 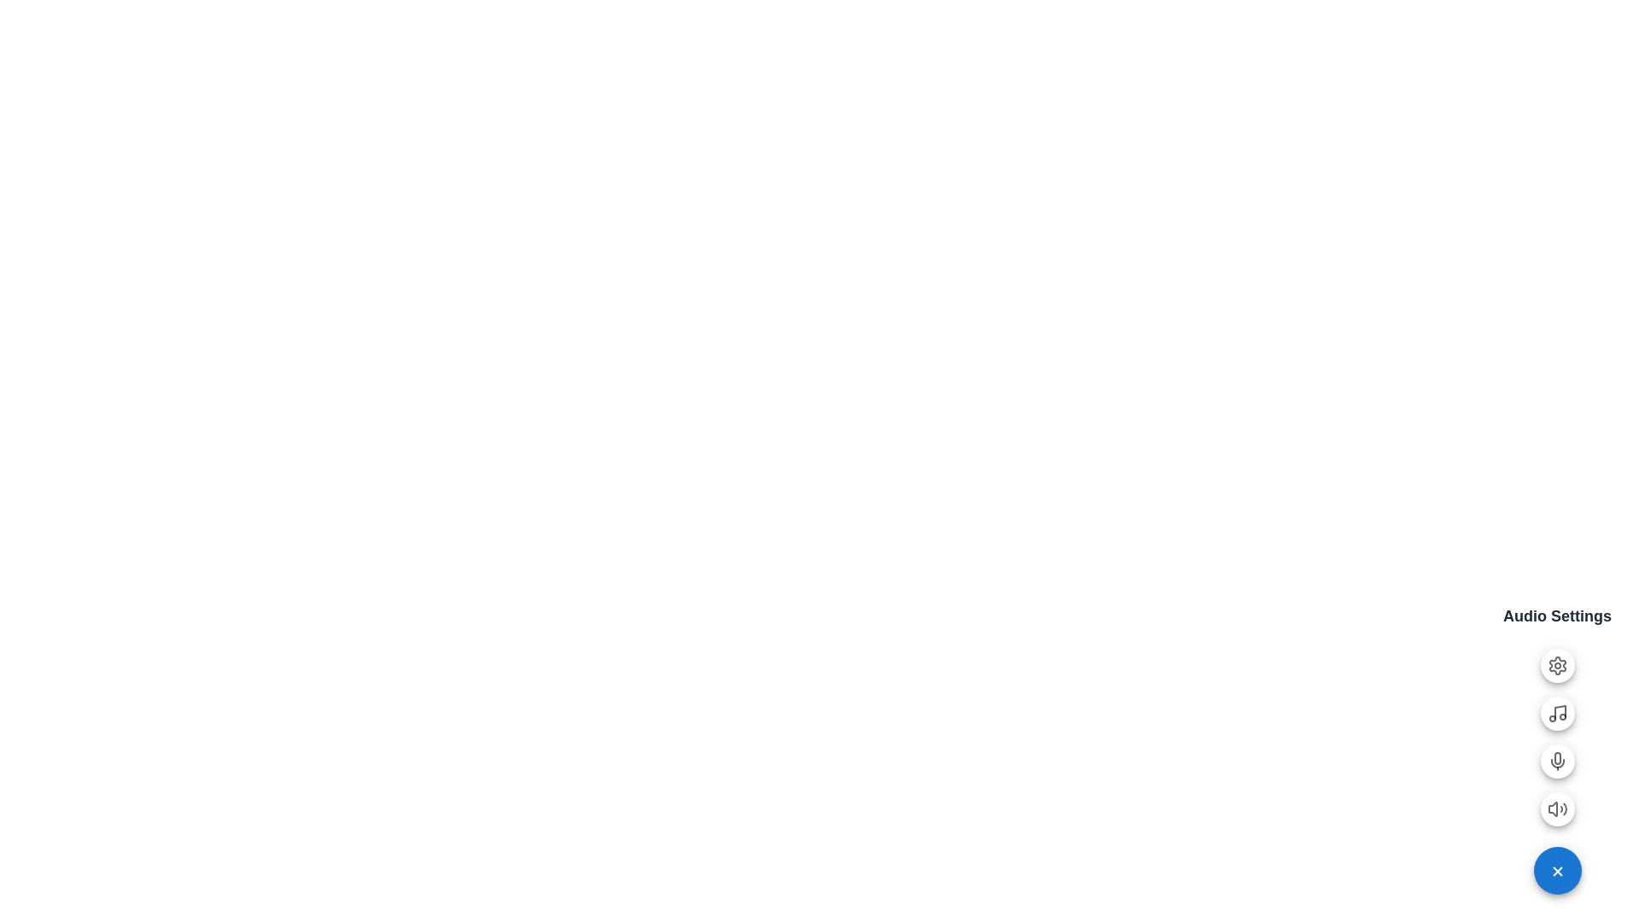 What do you see at coordinates (1557, 616) in the screenshot?
I see `the 'Audio Settings' text label, which is a bold, large-sized text in dark gray color` at bounding box center [1557, 616].